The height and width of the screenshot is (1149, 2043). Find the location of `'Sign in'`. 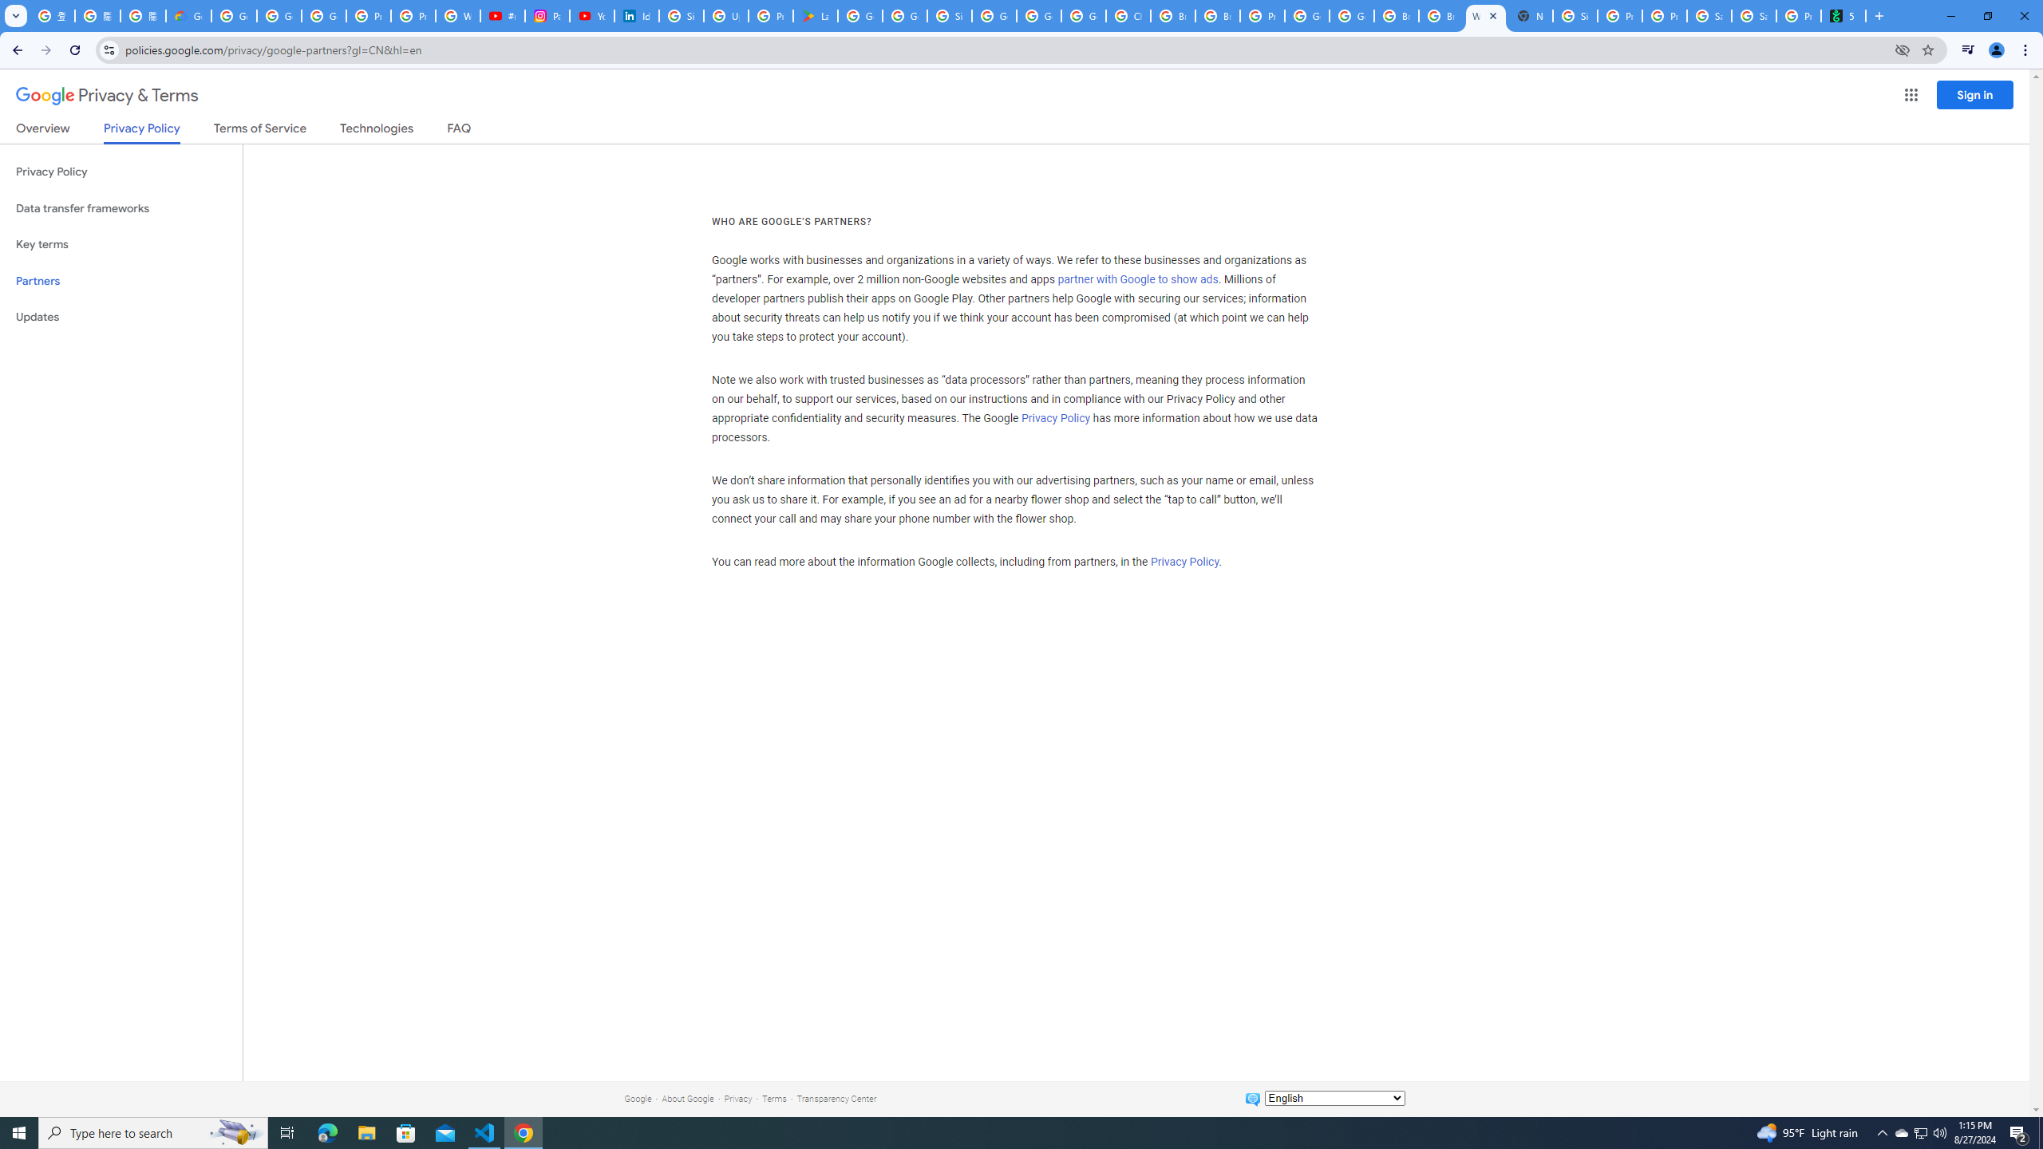

'Sign in' is located at coordinates (1974, 94).